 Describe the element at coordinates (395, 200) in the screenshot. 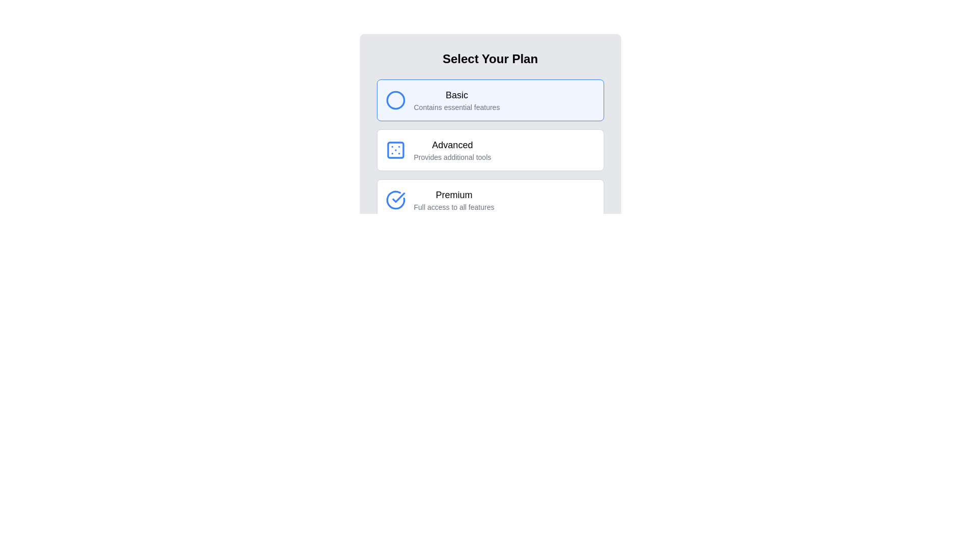

I see `the blue circular SVG icon representing a checkmark for the 'Premium' plan option, located to the left of the 'Premium' text` at that location.